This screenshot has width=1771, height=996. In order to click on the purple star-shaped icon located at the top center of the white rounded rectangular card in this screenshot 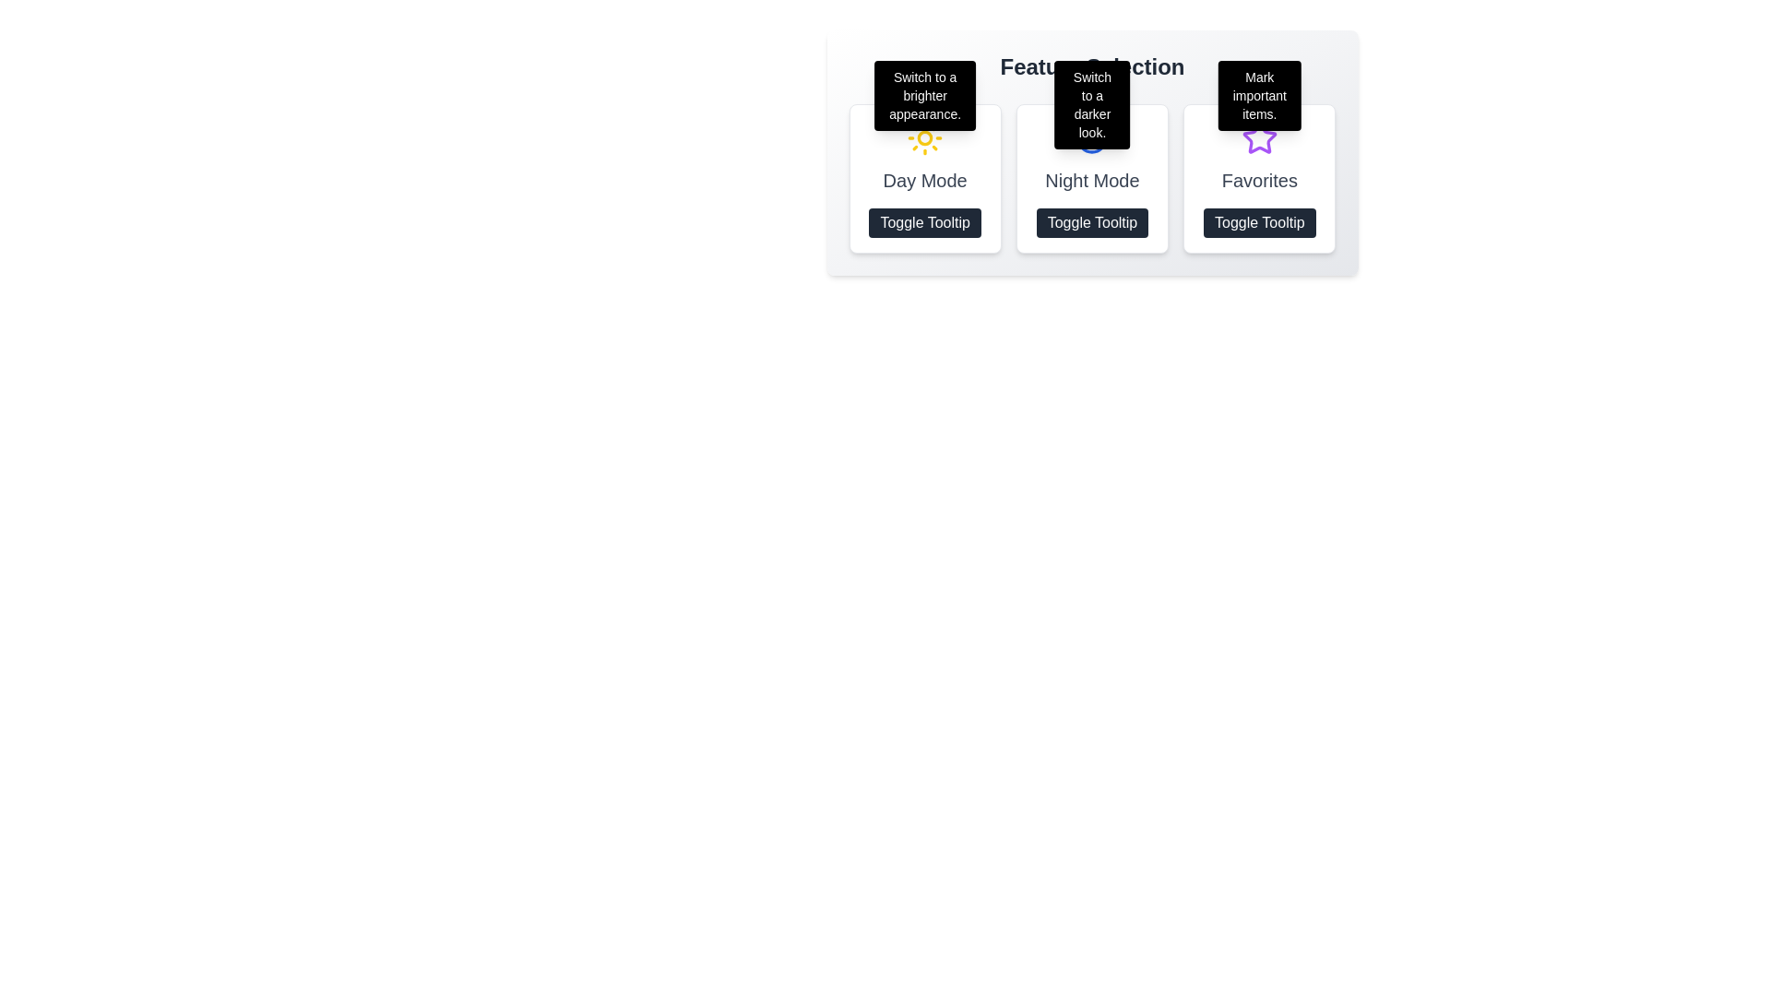, I will do `click(1258, 137)`.